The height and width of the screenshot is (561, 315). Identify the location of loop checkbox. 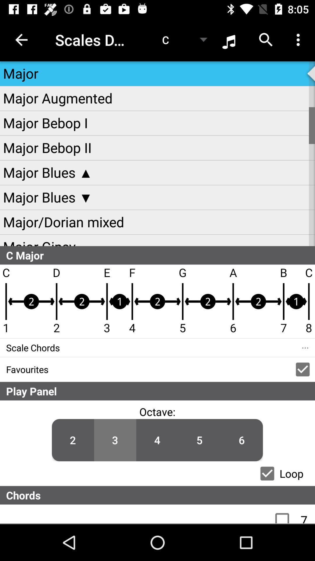
(267, 473).